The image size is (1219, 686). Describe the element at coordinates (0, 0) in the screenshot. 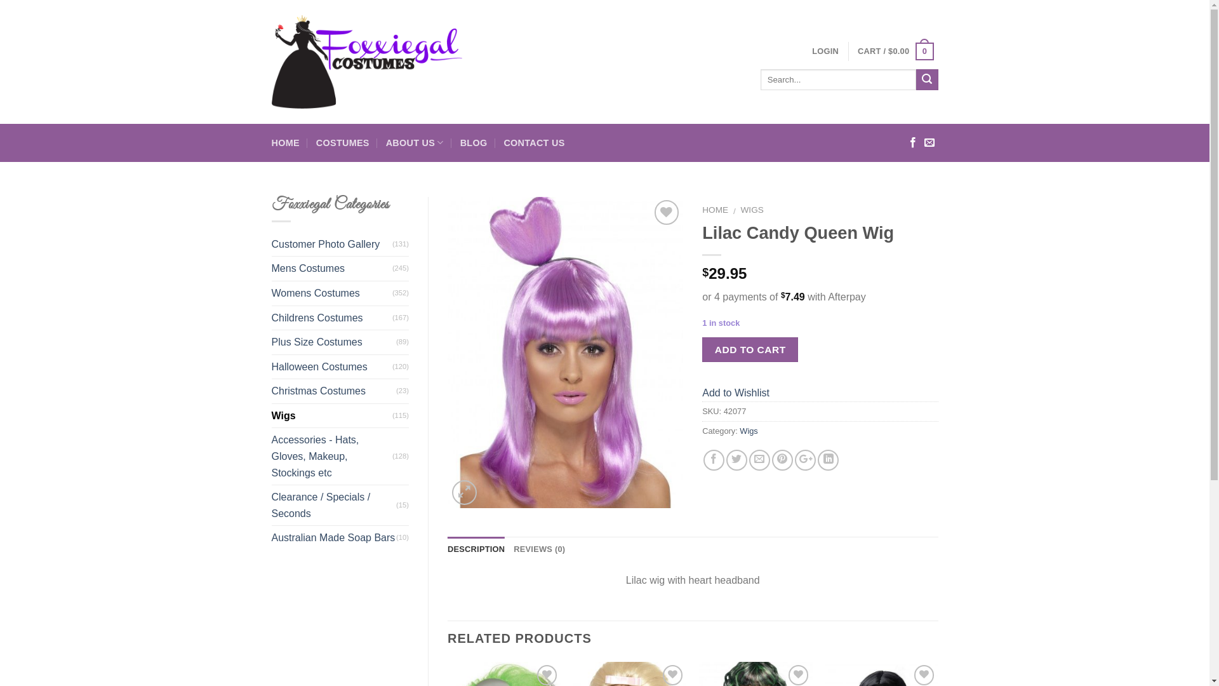

I see `'Skip to content'` at that location.